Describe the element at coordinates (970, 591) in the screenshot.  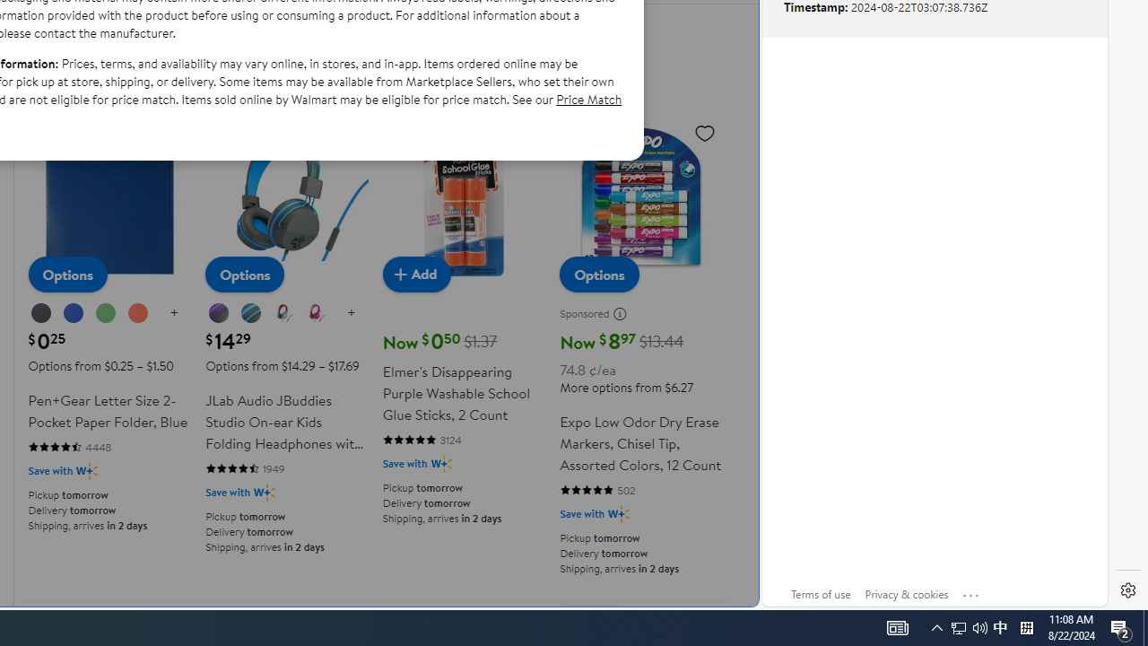
I see `'Click here for troubleshooting information'` at that location.